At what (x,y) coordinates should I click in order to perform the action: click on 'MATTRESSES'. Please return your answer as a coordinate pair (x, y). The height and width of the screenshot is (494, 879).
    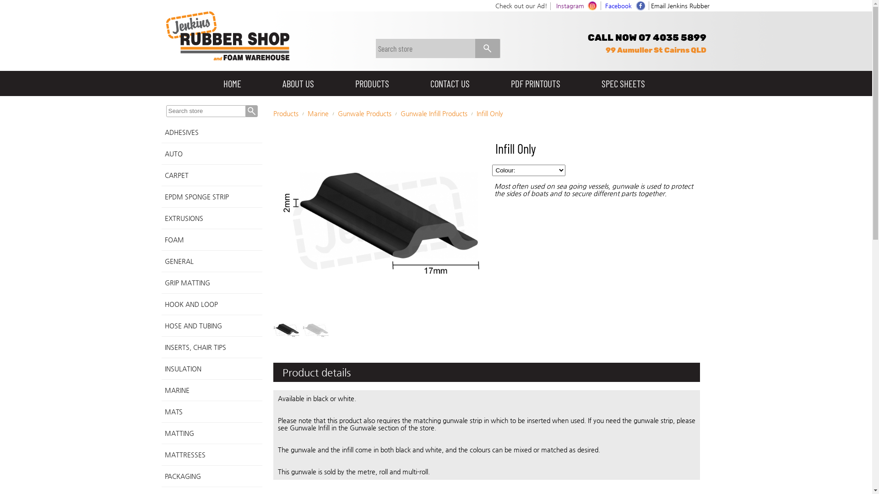
    Looking at the image, I should click on (211, 455).